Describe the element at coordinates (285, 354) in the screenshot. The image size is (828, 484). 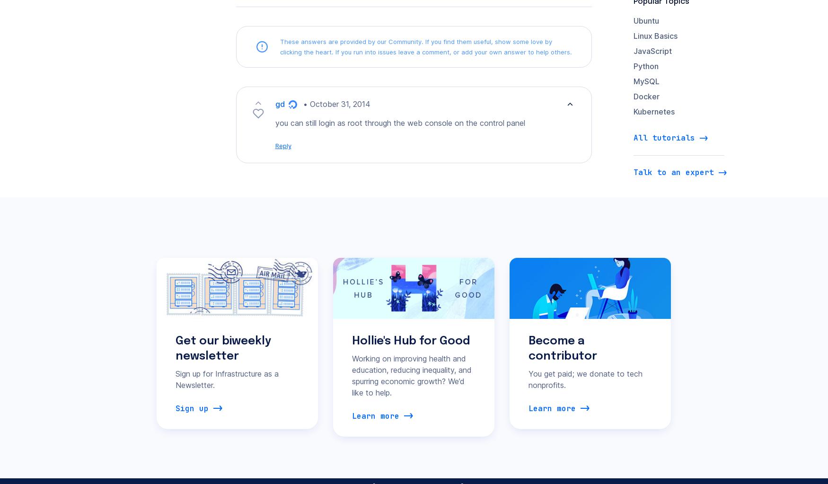
I see `'Release Notes'` at that location.